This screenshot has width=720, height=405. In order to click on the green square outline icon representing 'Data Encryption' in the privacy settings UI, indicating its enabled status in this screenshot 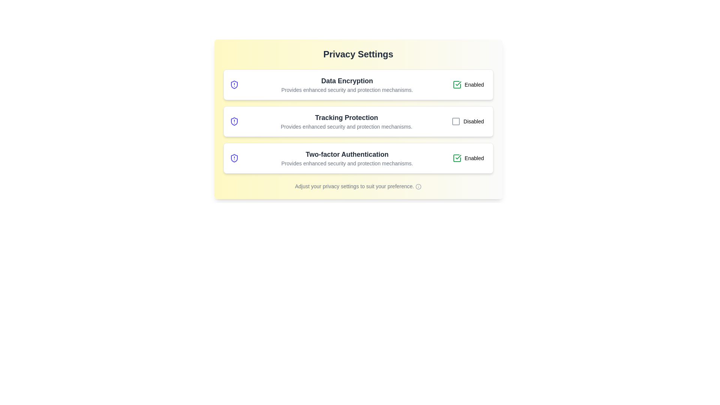, I will do `click(457, 157)`.